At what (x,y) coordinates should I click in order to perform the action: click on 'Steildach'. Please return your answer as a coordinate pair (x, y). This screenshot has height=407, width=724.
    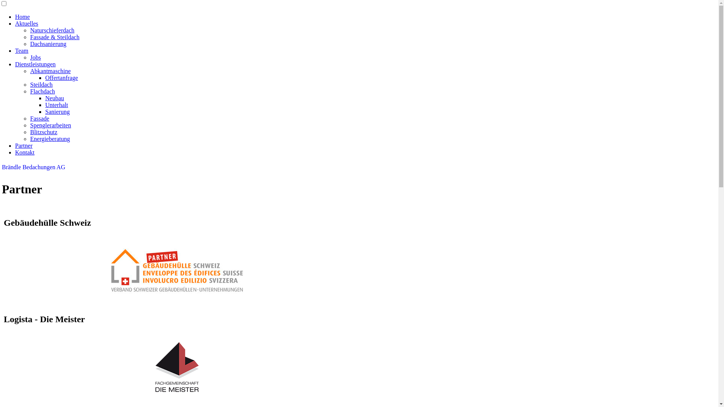
    Looking at the image, I should click on (41, 84).